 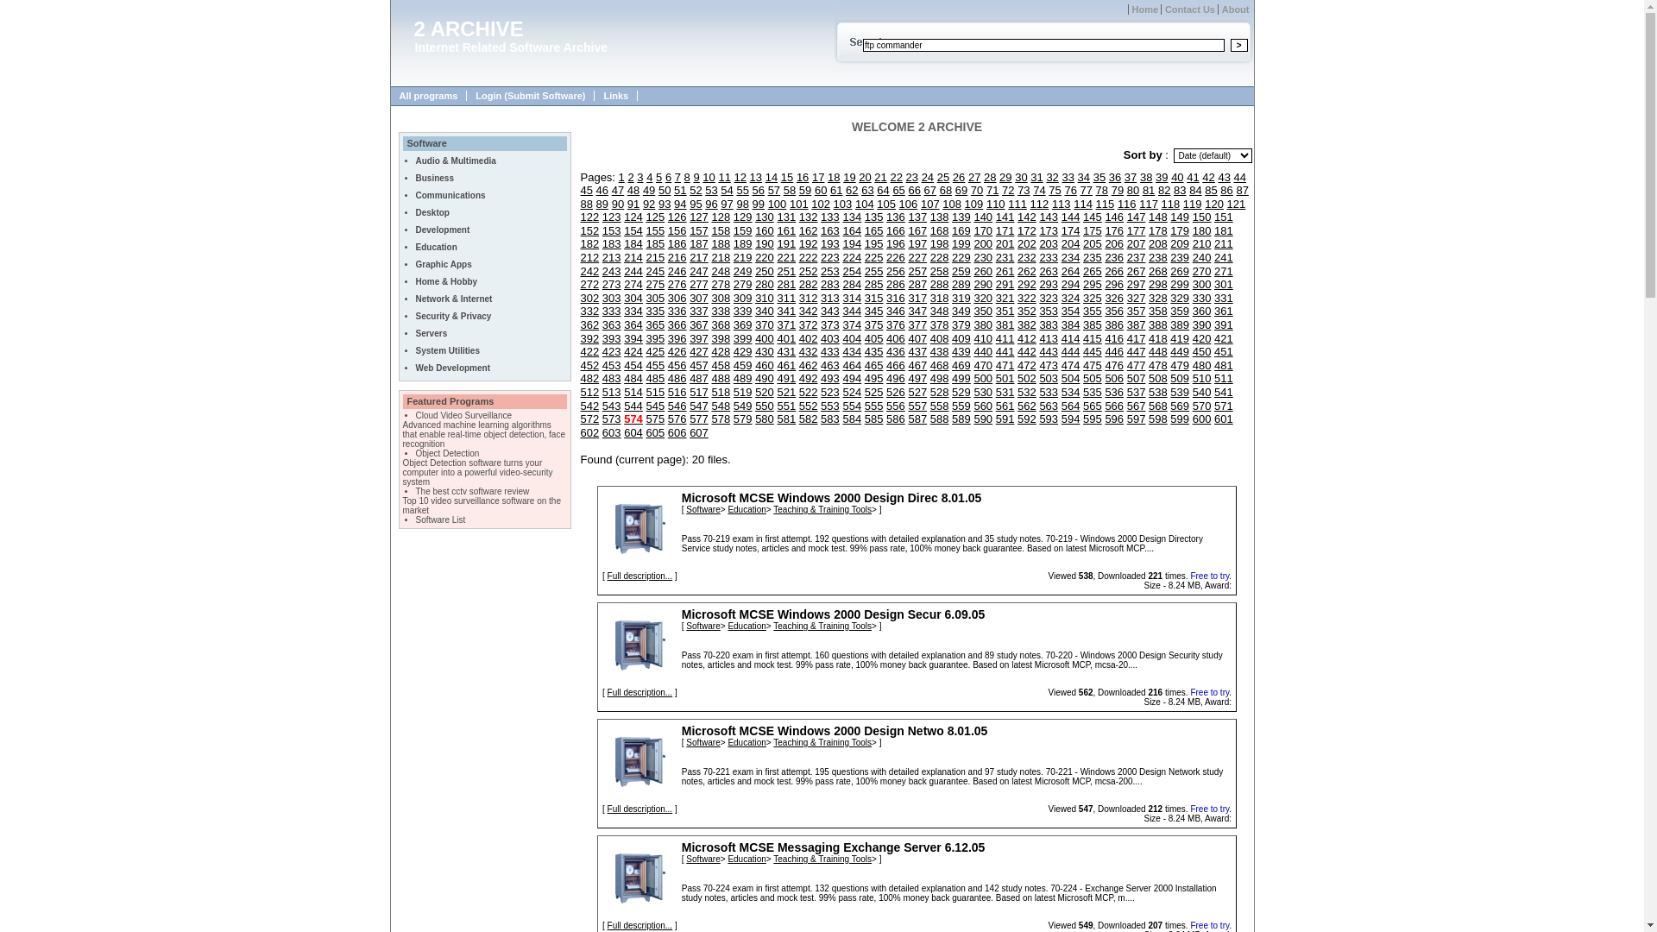 I want to click on '121', so click(x=1225, y=203).